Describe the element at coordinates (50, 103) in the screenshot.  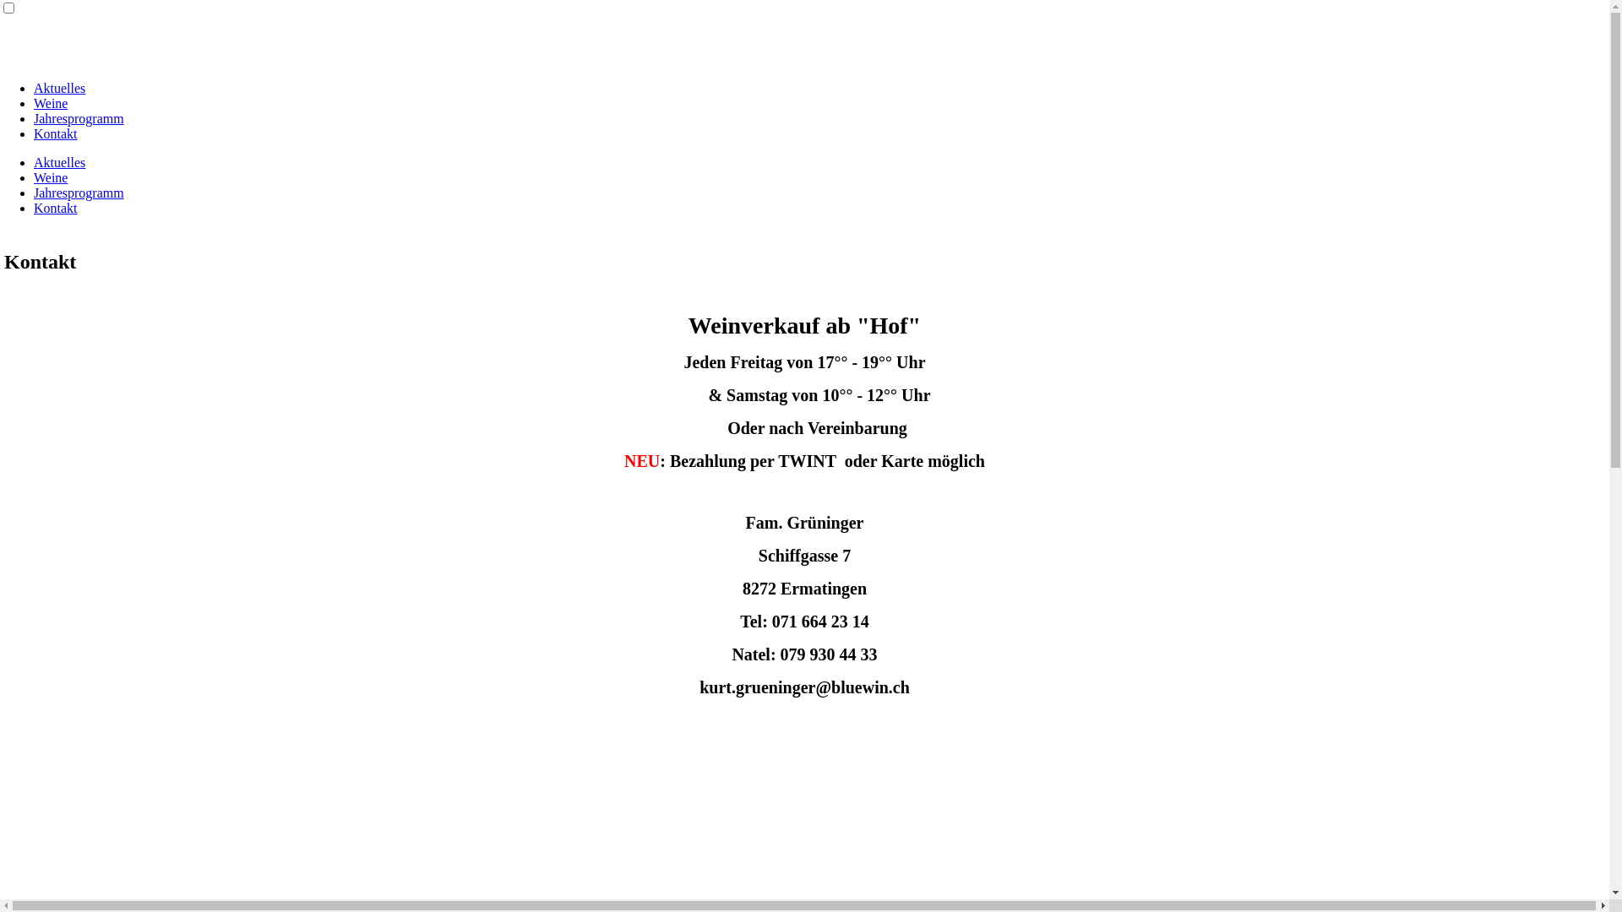
I see `'Weine'` at that location.